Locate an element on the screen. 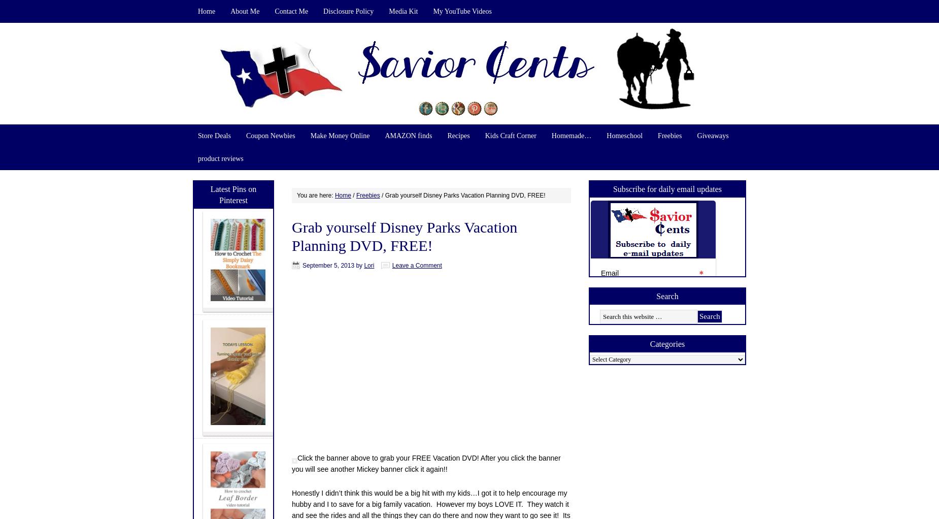 The width and height of the screenshot is (939, 519). 'Categories' is located at coordinates (649, 343).